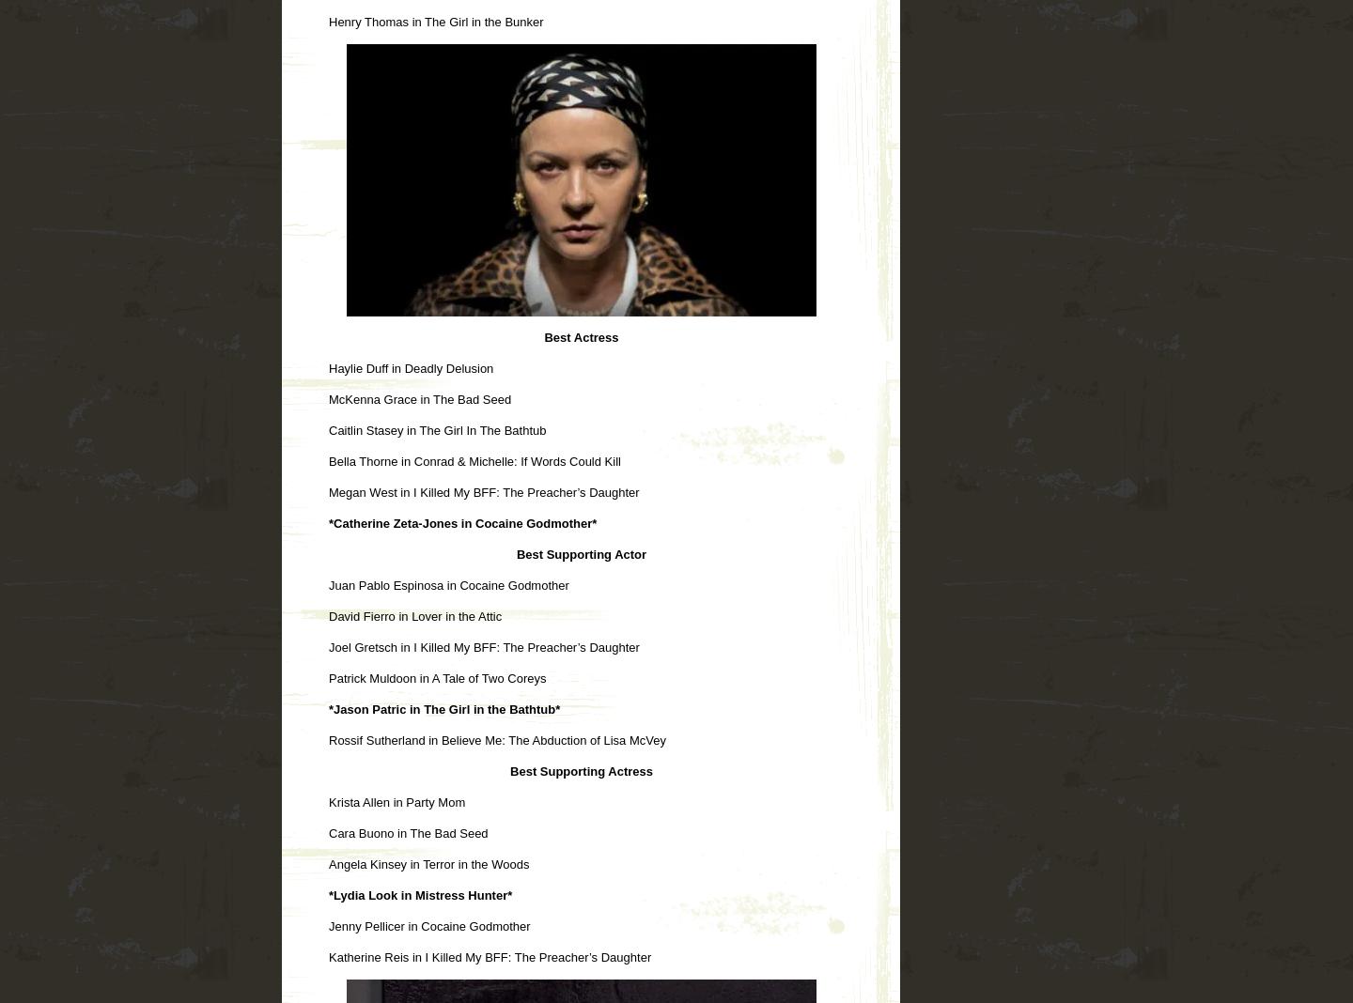 The width and height of the screenshot is (1353, 1003). I want to click on 'Henry Thomas in The Girl in the Bunker', so click(329, 20).